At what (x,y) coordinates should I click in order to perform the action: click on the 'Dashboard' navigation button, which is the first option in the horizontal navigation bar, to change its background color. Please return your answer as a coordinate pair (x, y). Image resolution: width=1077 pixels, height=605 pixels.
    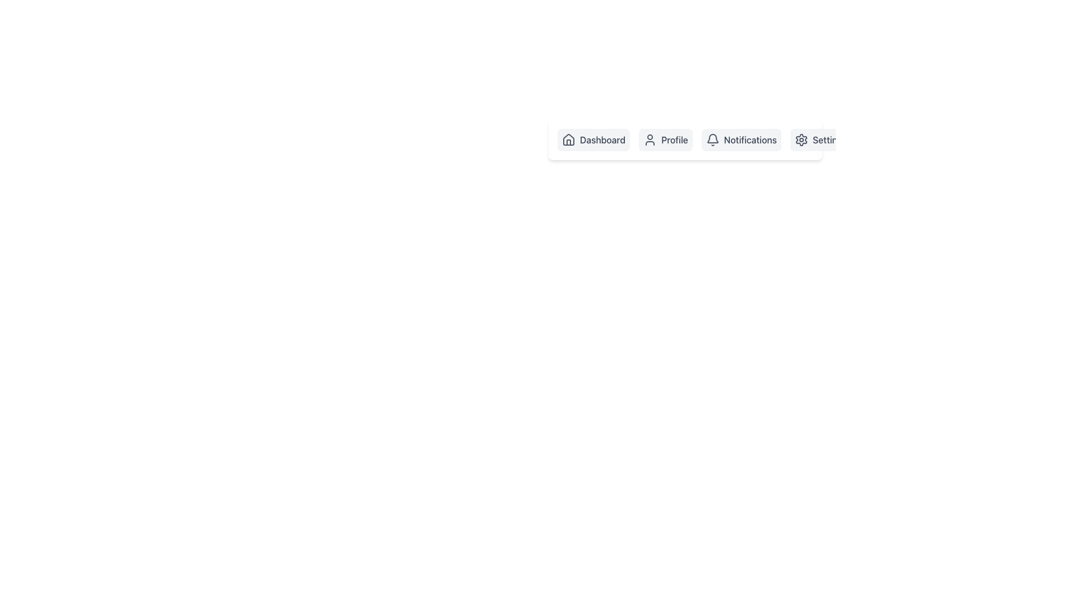
    Looking at the image, I should click on (593, 139).